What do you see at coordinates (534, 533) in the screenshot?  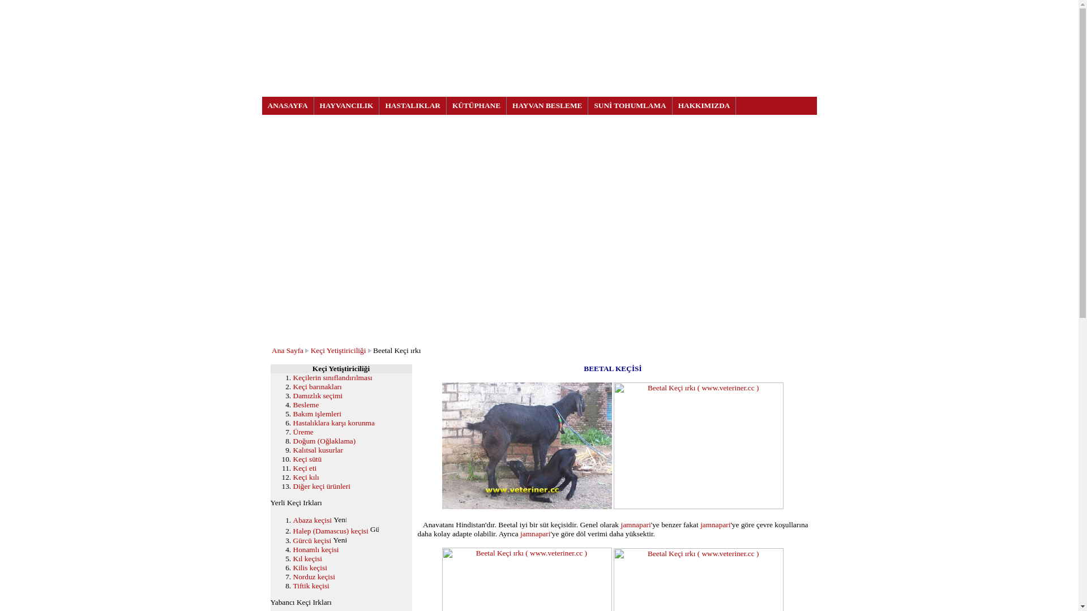 I see `'jamnapari'` at bounding box center [534, 533].